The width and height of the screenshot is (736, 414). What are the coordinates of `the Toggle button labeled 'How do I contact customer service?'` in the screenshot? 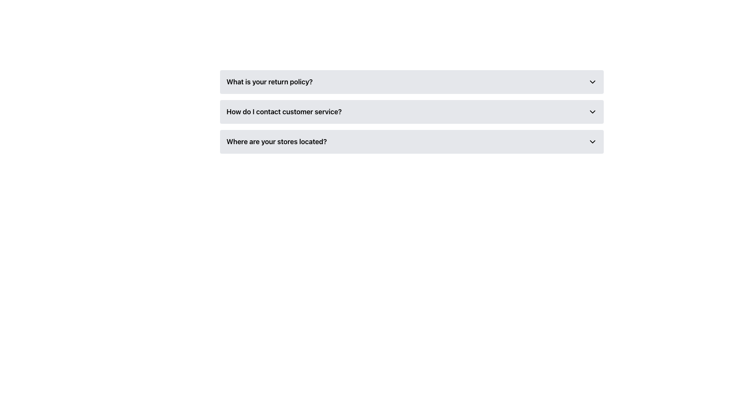 It's located at (411, 112).